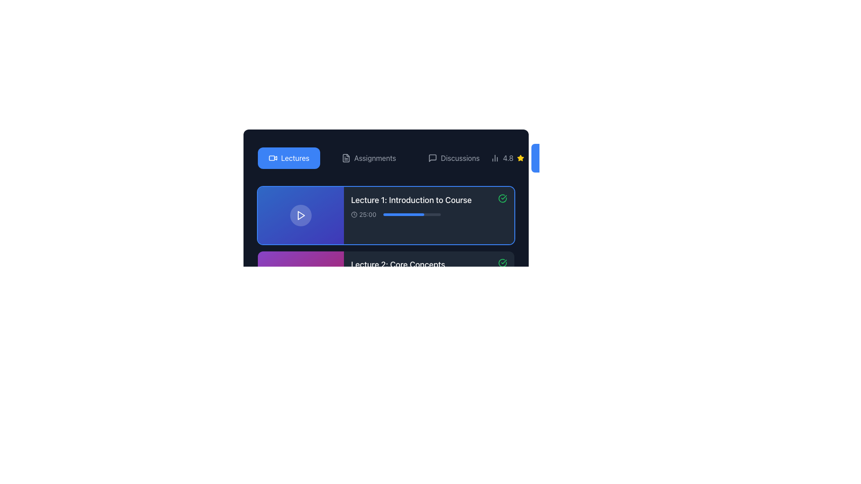 Image resolution: width=861 pixels, height=484 pixels. Describe the element at coordinates (301, 216) in the screenshot. I see `the 'Play' button located within the rounded rectangle card titled 'Lecture 1: Introduction to Course' to change its appearance` at that location.